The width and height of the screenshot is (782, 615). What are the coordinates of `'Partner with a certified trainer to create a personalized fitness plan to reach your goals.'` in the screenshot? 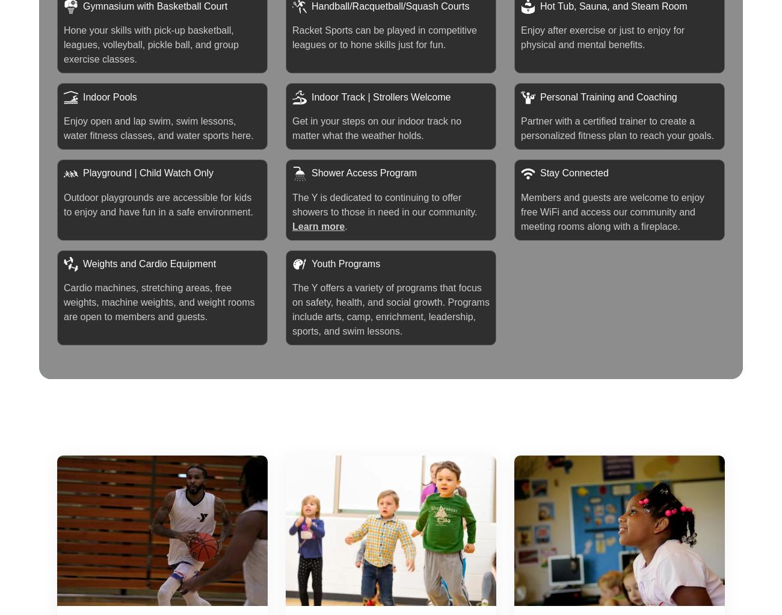 It's located at (617, 128).